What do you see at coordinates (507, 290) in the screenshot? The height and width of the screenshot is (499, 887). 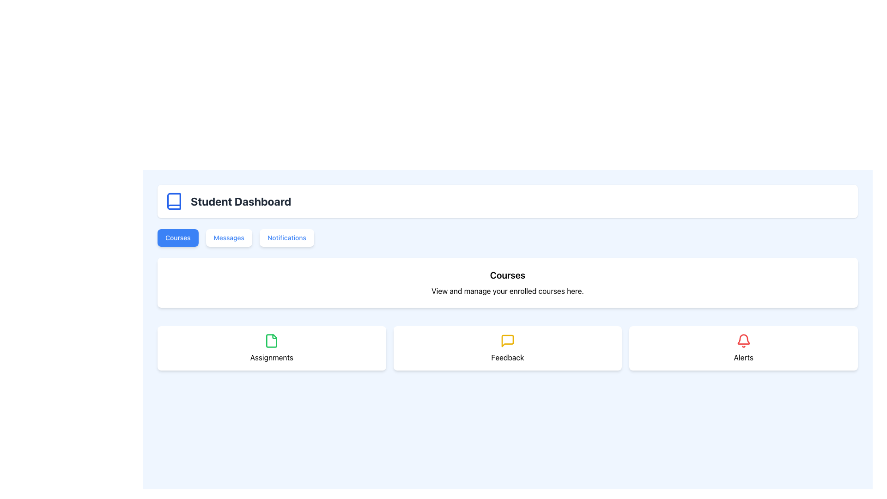 I see `the descriptive text label located beneath the 'Courses' heading, which provides instructions about course management` at bounding box center [507, 290].